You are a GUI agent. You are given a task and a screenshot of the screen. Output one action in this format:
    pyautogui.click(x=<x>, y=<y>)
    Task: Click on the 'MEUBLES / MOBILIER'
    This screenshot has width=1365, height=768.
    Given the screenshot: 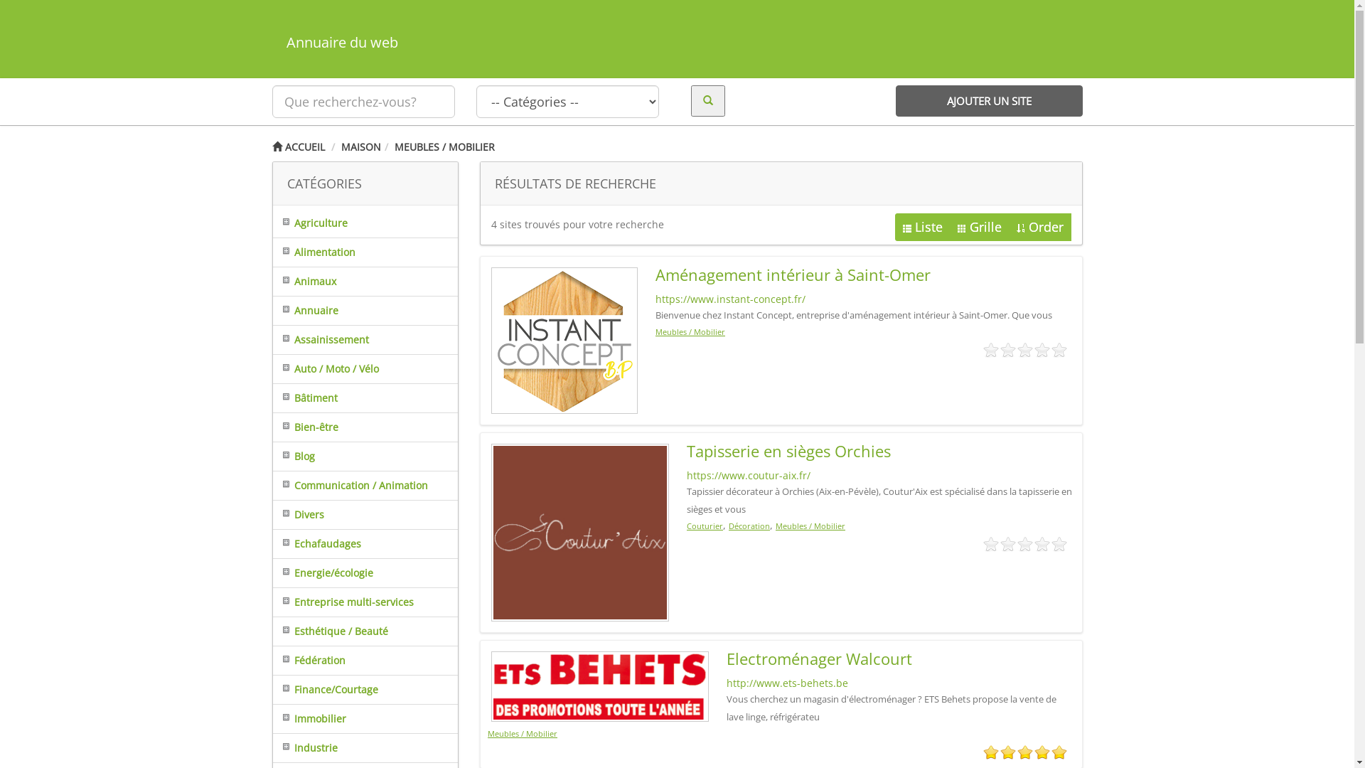 What is the action you would take?
    pyautogui.click(x=443, y=146)
    